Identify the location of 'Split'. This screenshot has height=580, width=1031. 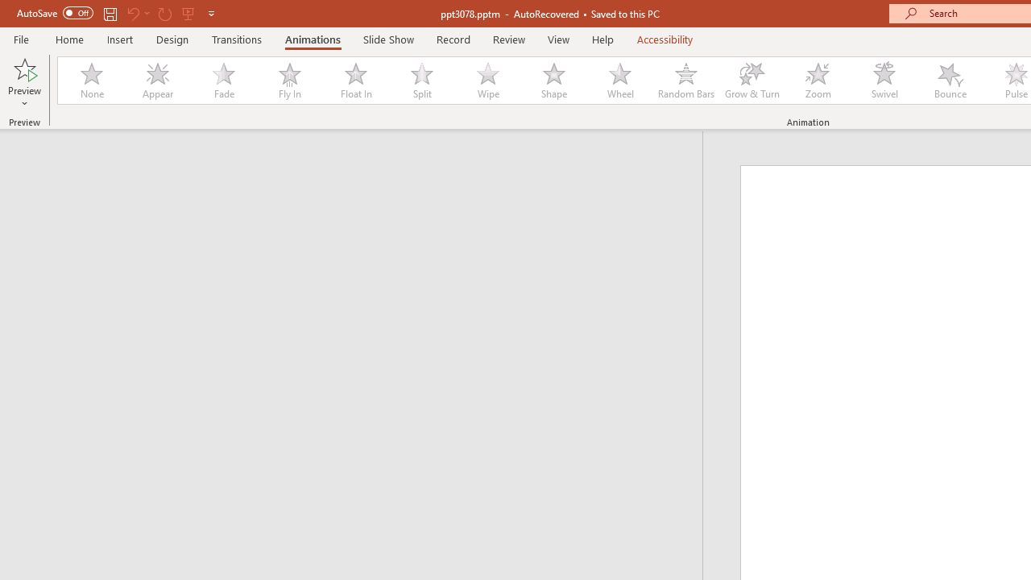
(421, 81).